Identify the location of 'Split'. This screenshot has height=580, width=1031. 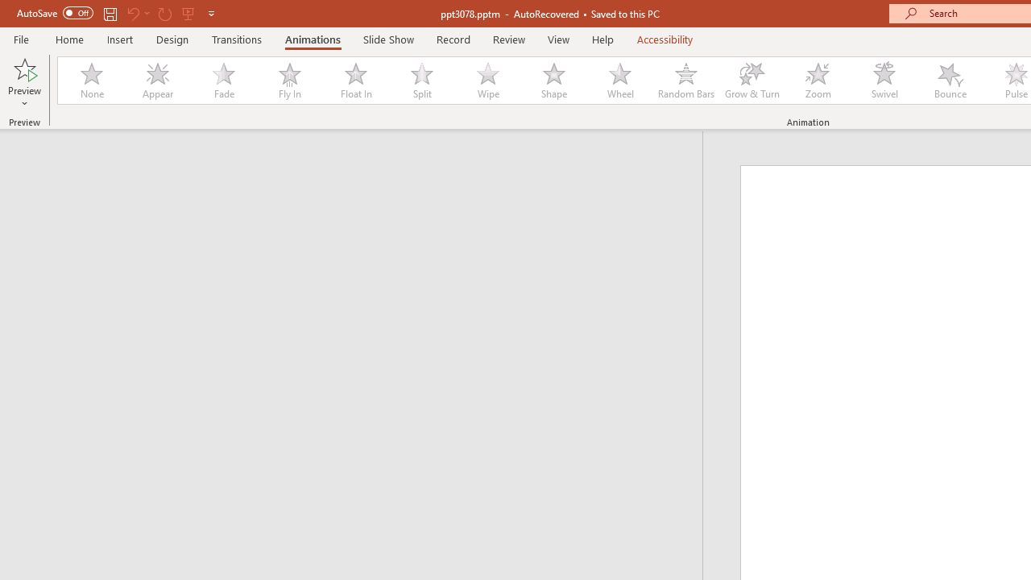
(421, 81).